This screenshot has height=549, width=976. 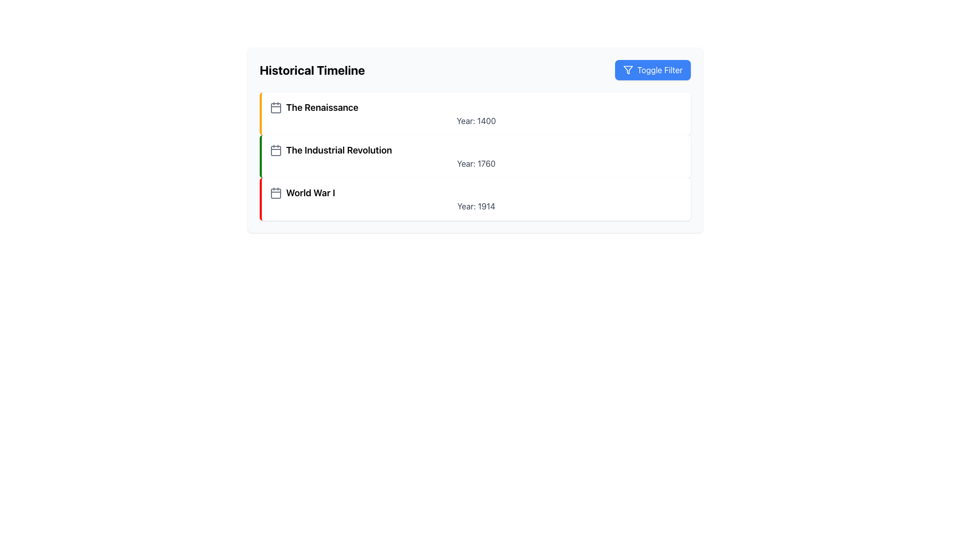 What do you see at coordinates (322, 108) in the screenshot?
I see `the text label 'The Renaissance' which marks the timeline entry for the year 1400 in a chronological list, positioned to the right of a calendar icon` at bounding box center [322, 108].